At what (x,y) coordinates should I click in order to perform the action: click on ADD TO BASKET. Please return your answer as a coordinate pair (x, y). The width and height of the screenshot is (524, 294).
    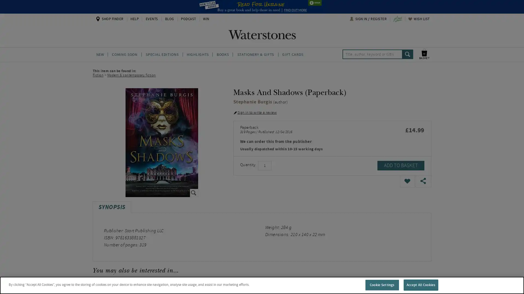
    Looking at the image, I should click on (401, 165).